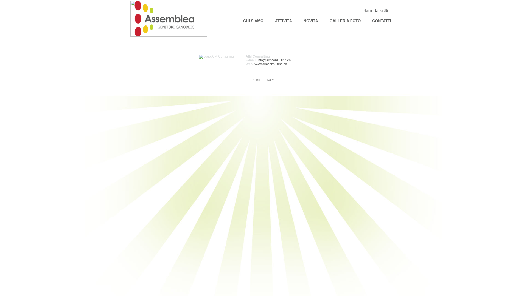 The height and width of the screenshot is (296, 527). I want to click on 'Credits', so click(257, 80).